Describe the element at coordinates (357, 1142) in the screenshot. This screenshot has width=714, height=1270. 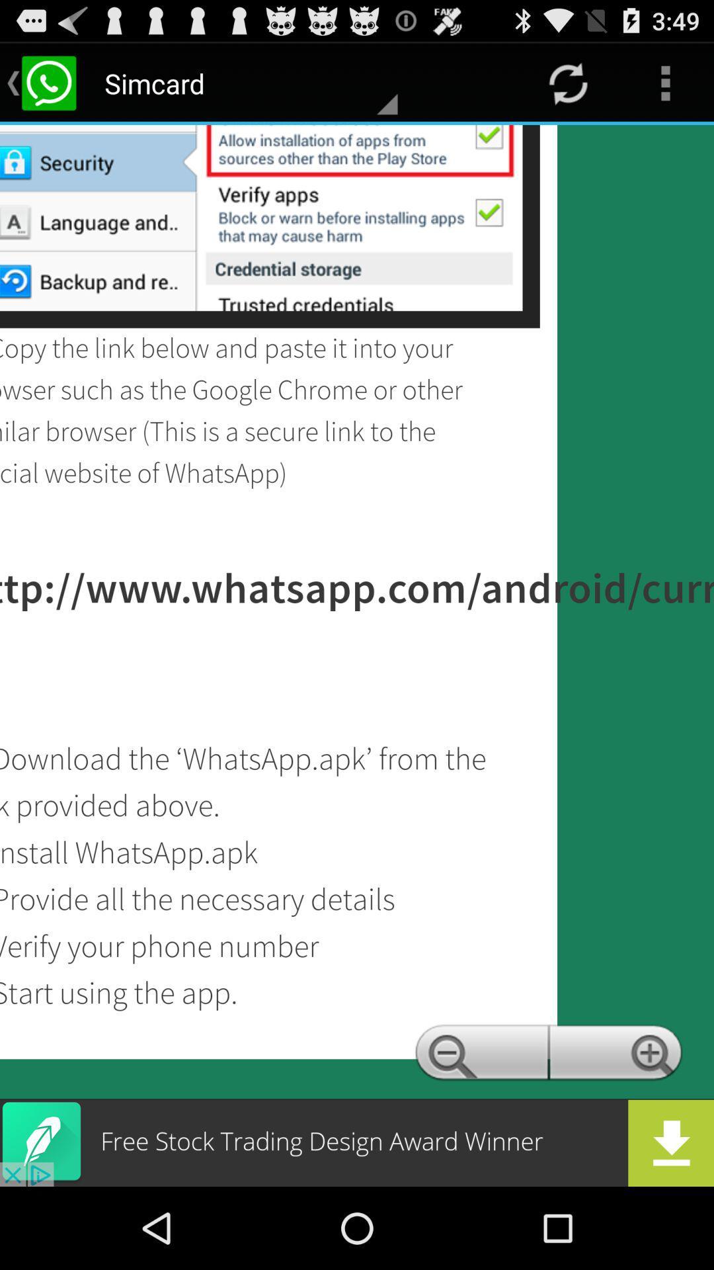
I see `advertisements` at that location.